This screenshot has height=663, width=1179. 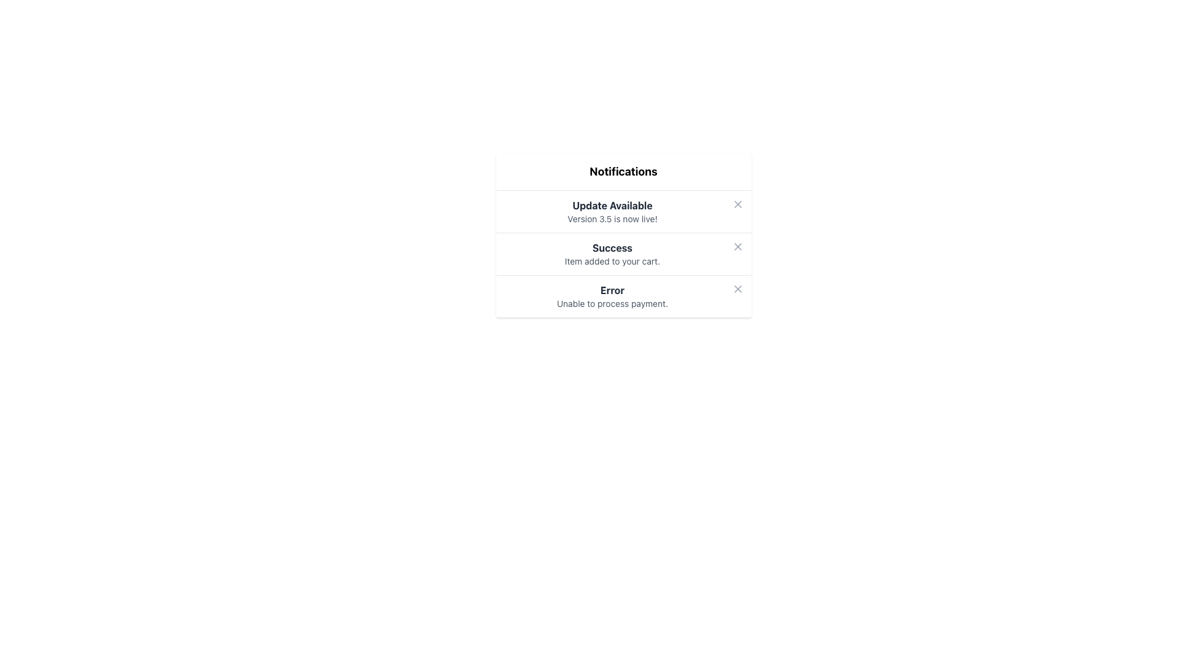 What do you see at coordinates (612, 211) in the screenshot?
I see `the notification message displaying 'Update Available' in bold with the message 'Version 3.5 is now live!'` at bounding box center [612, 211].